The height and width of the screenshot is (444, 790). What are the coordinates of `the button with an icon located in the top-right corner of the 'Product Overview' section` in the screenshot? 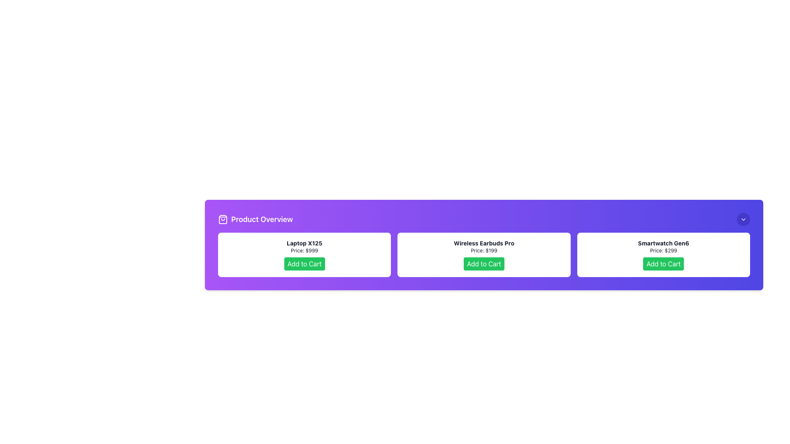 It's located at (743, 219).